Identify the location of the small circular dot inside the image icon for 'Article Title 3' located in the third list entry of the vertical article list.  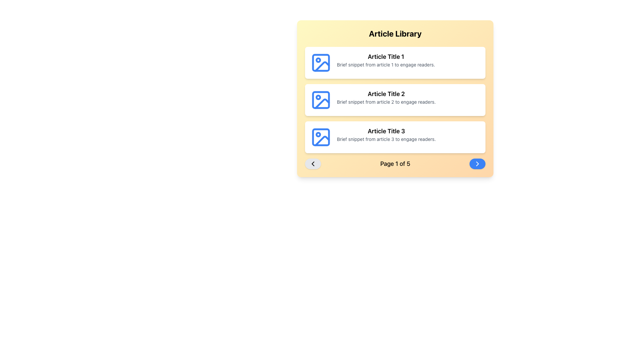
(318, 135).